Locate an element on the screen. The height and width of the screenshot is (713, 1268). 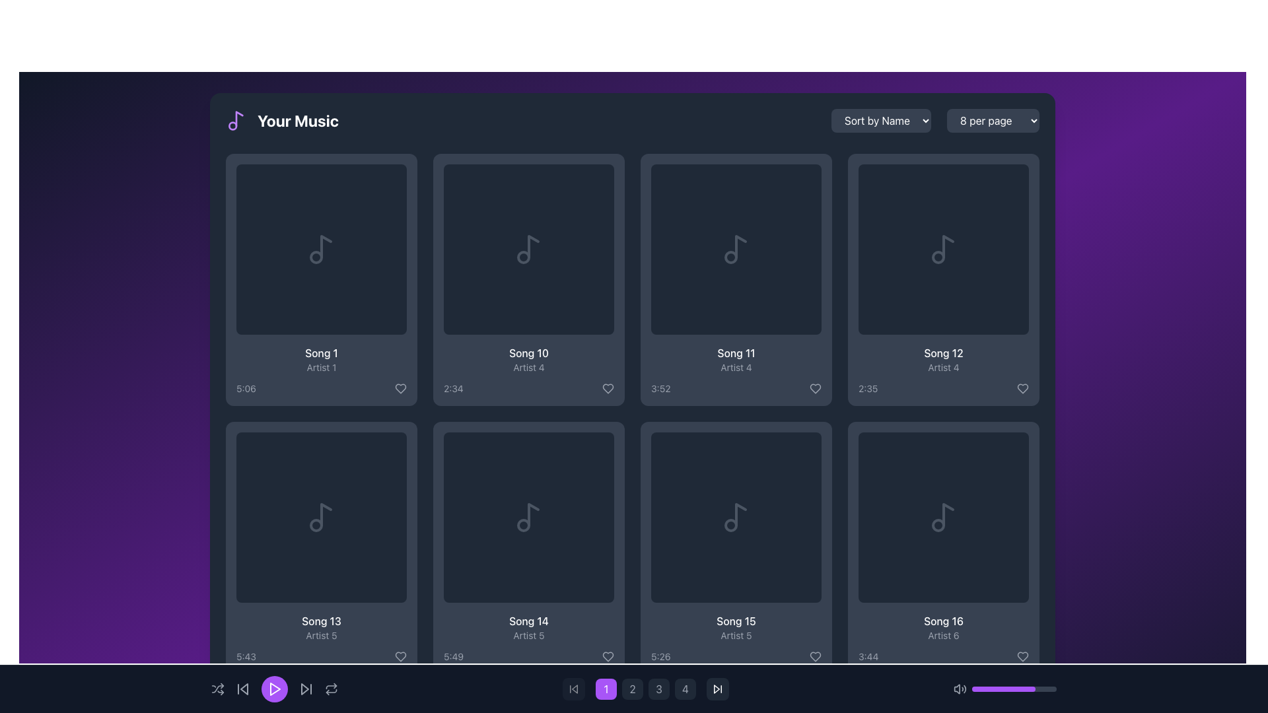
the small circular graphical element located at the bottom-right corner of the music note icon within the 'Song 15' card is located at coordinates (730, 524).